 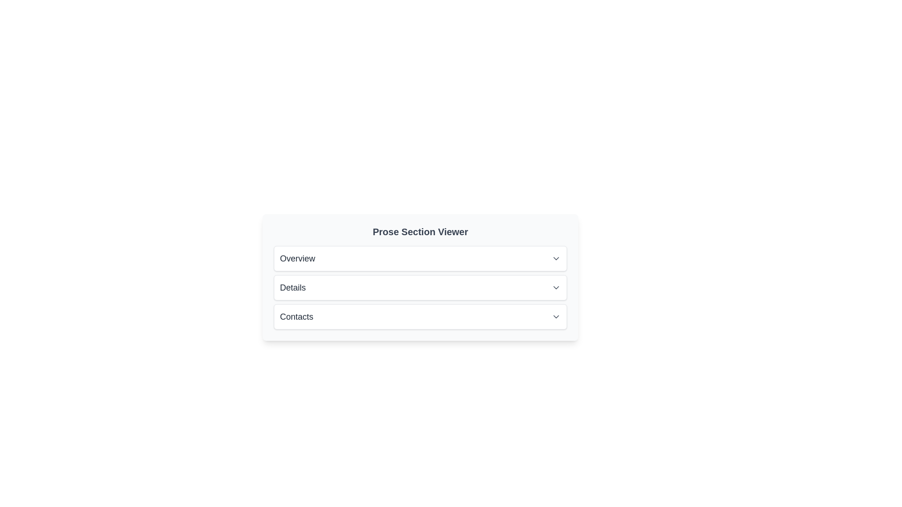 What do you see at coordinates (420, 259) in the screenshot?
I see `the first selectable item in the dropdown menu of the 'Prose Section Viewer'` at bounding box center [420, 259].